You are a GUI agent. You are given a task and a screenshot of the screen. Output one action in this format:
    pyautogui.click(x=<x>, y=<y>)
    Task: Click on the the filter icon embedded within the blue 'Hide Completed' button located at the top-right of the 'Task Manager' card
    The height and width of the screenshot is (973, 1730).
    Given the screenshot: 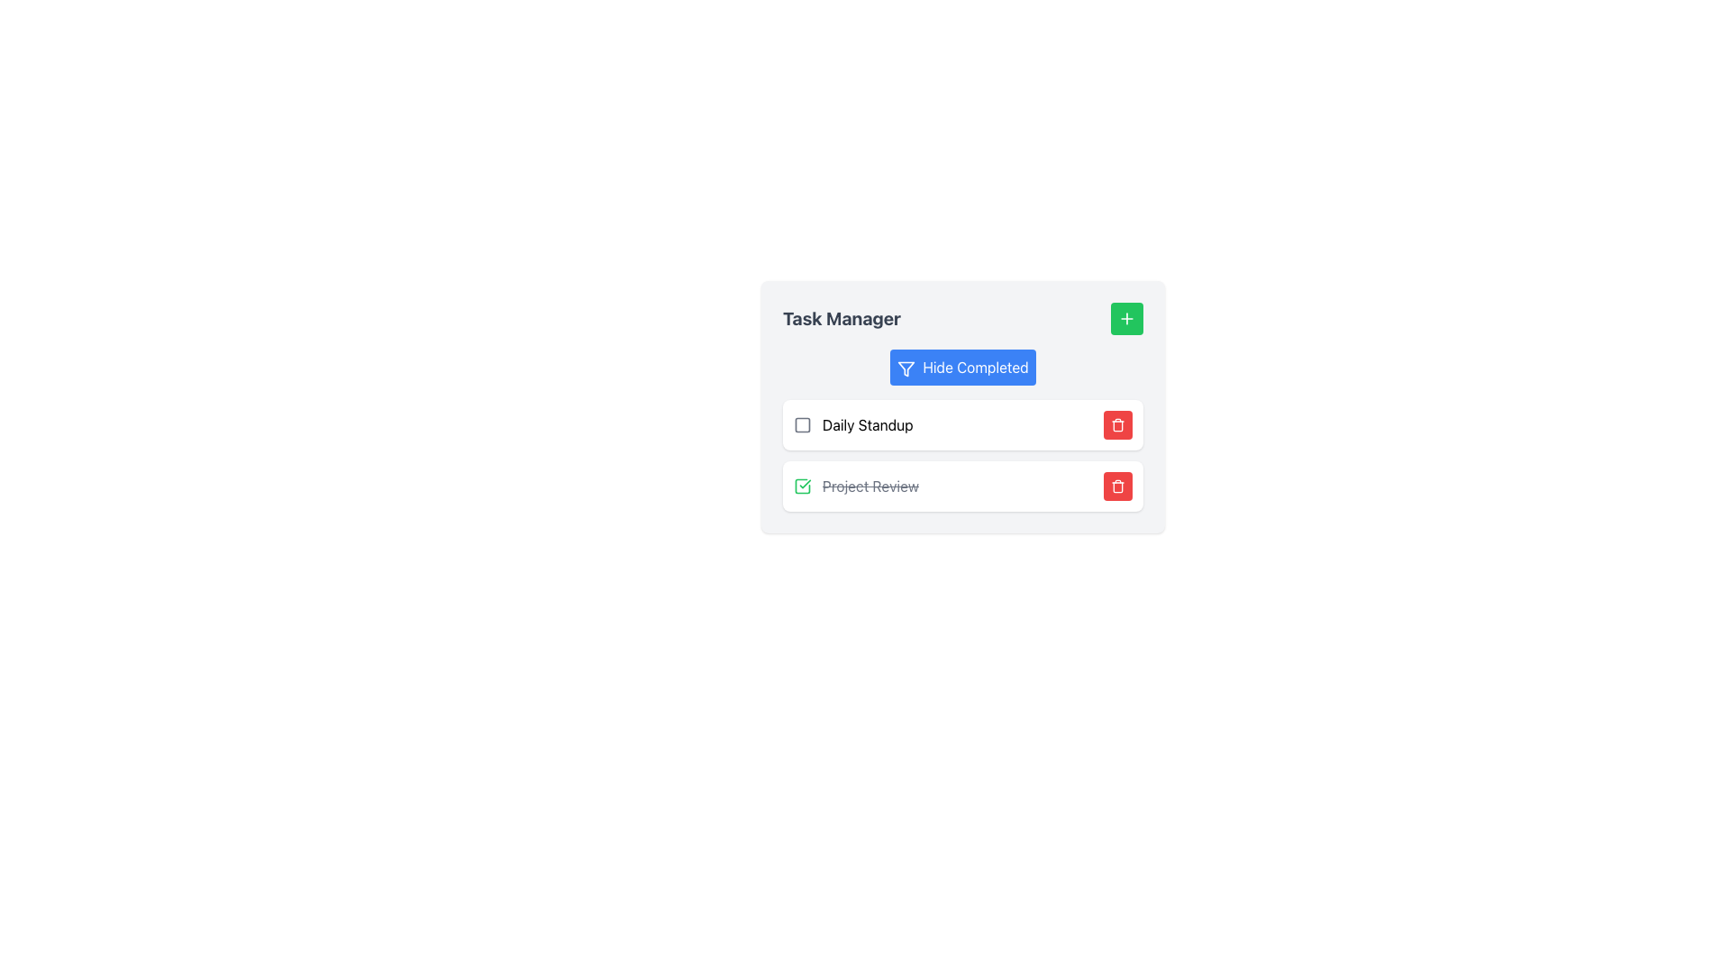 What is the action you would take?
    pyautogui.click(x=906, y=368)
    